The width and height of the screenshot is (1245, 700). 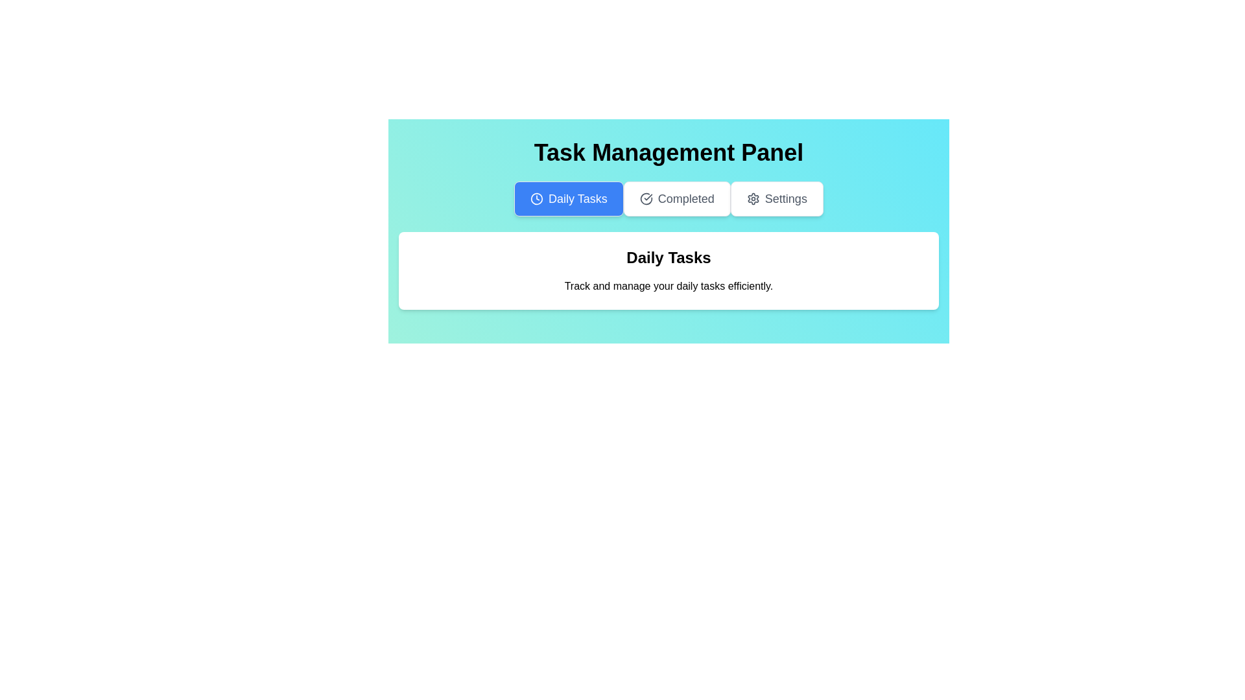 I want to click on the 'Daily Tasks' text label, which is styled in bold and slightly larger font, positioned prominently on a card with a white background, and is the first line above the smaller descriptive text, so click(x=669, y=257).